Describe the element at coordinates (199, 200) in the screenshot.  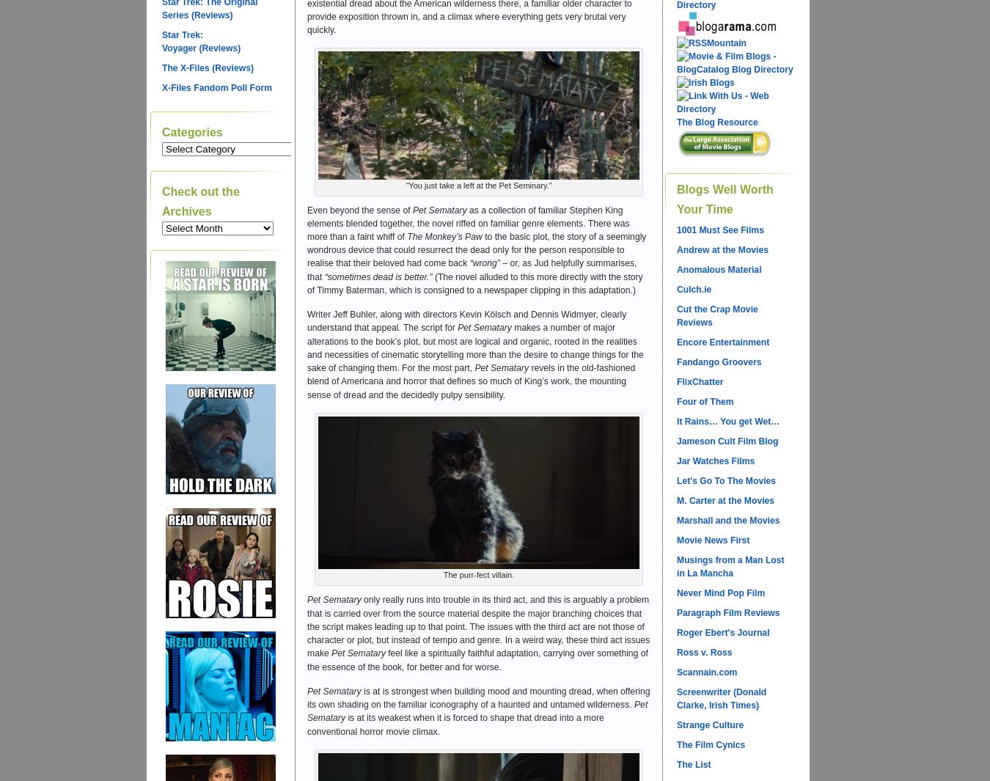
I see `'Check out the Archives'` at that location.